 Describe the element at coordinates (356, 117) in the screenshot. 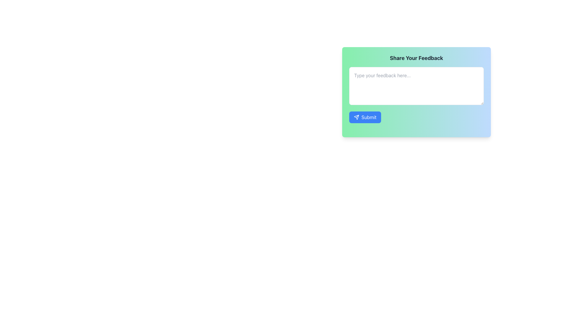

I see `the send icon located at the bottom-left corner of the feedback form, which indicates a submit action` at that location.